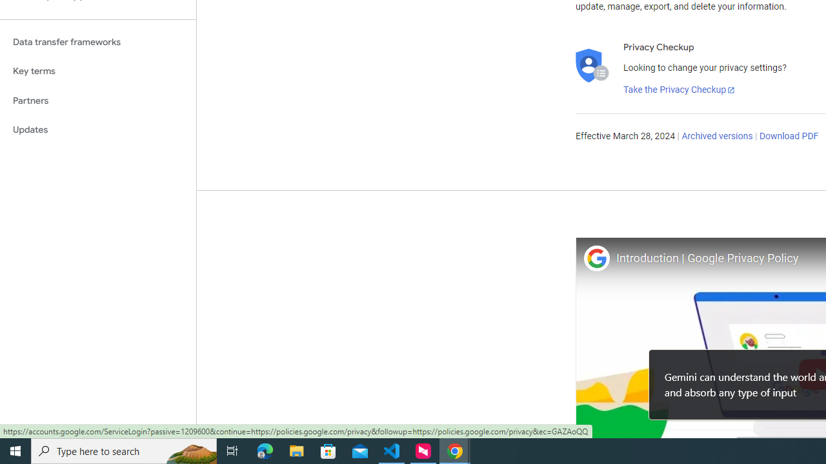 The width and height of the screenshot is (826, 464). I want to click on 'Download PDF', so click(788, 137).